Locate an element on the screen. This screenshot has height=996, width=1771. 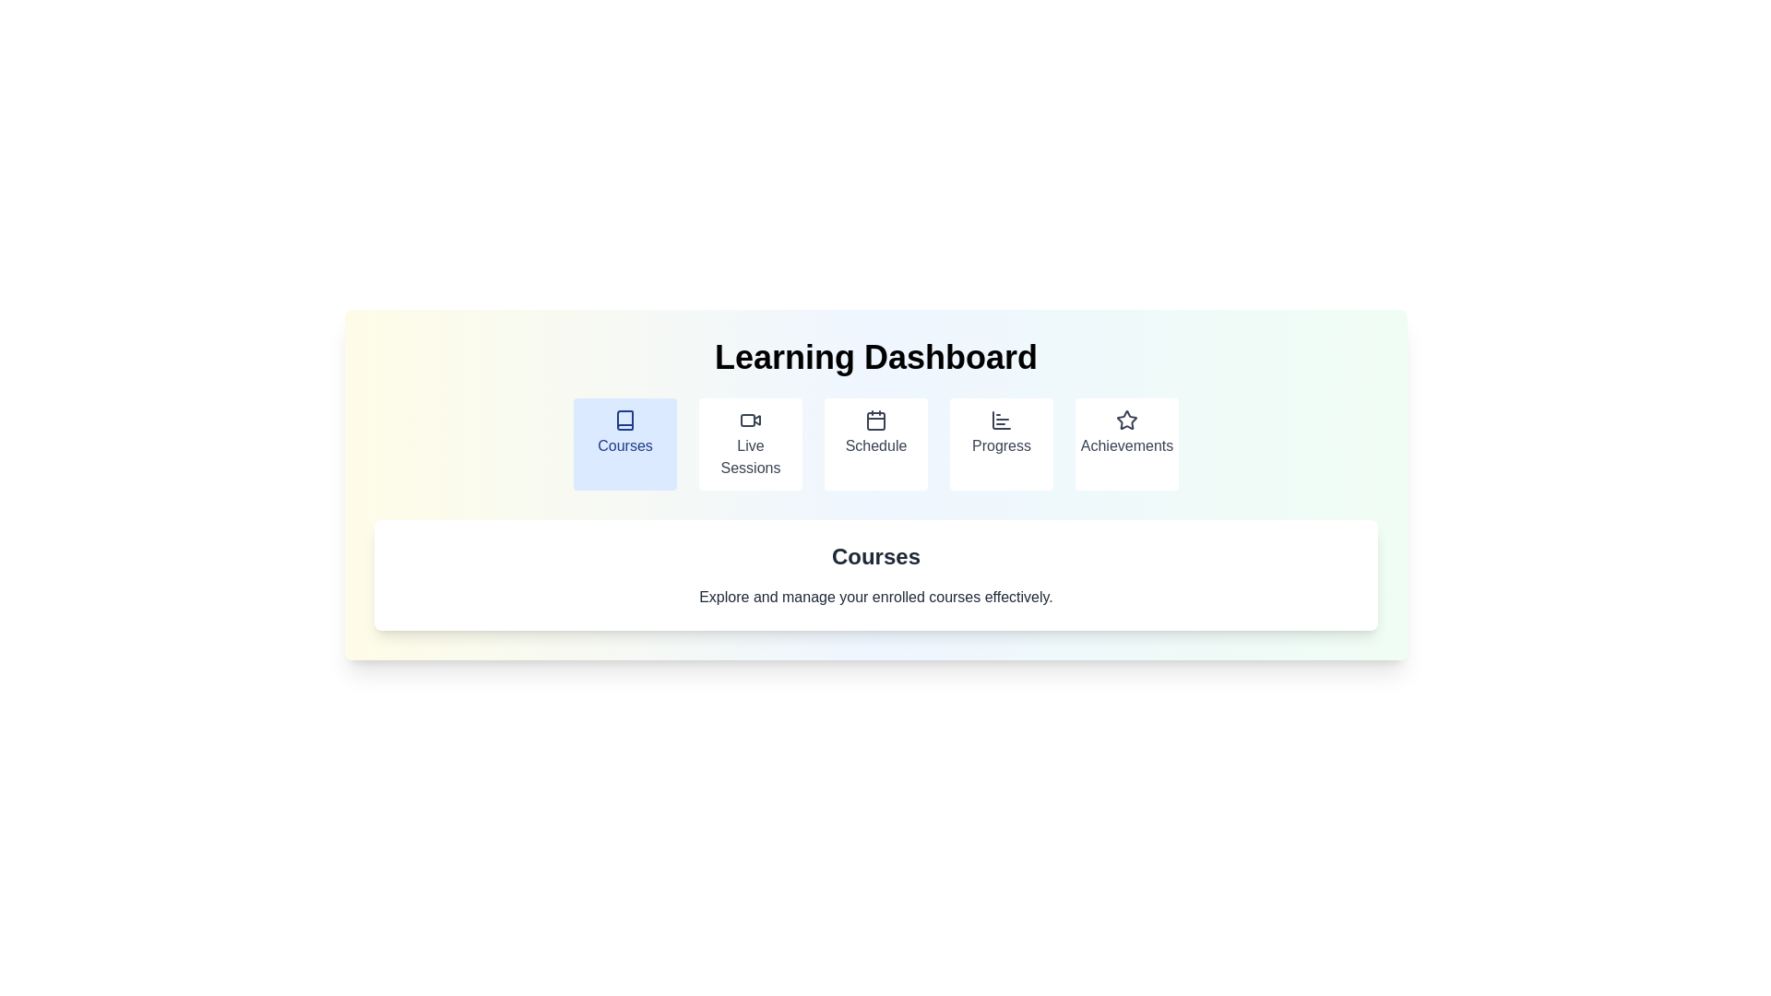
the red rectangular element with rounded corners located within the video camera icon in the navigation bar below the 'Learning Dashboard' is located at coordinates (748, 420).